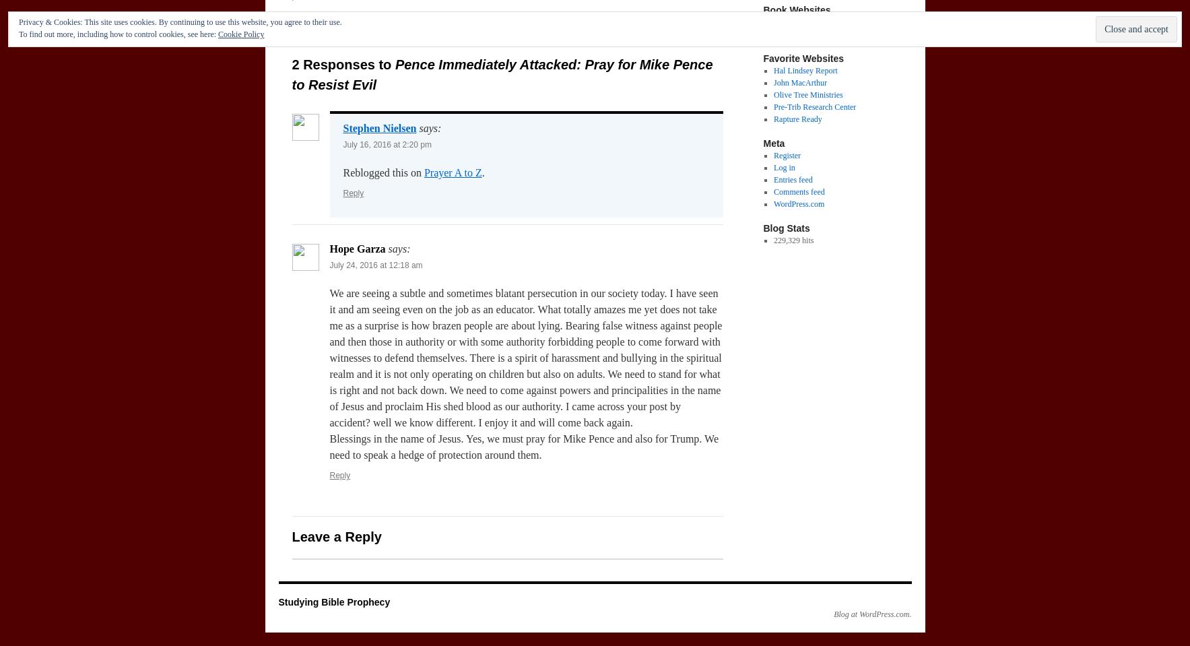  What do you see at coordinates (240, 34) in the screenshot?
I see `'Cookie Policy'` at bounding box center [240, 34].